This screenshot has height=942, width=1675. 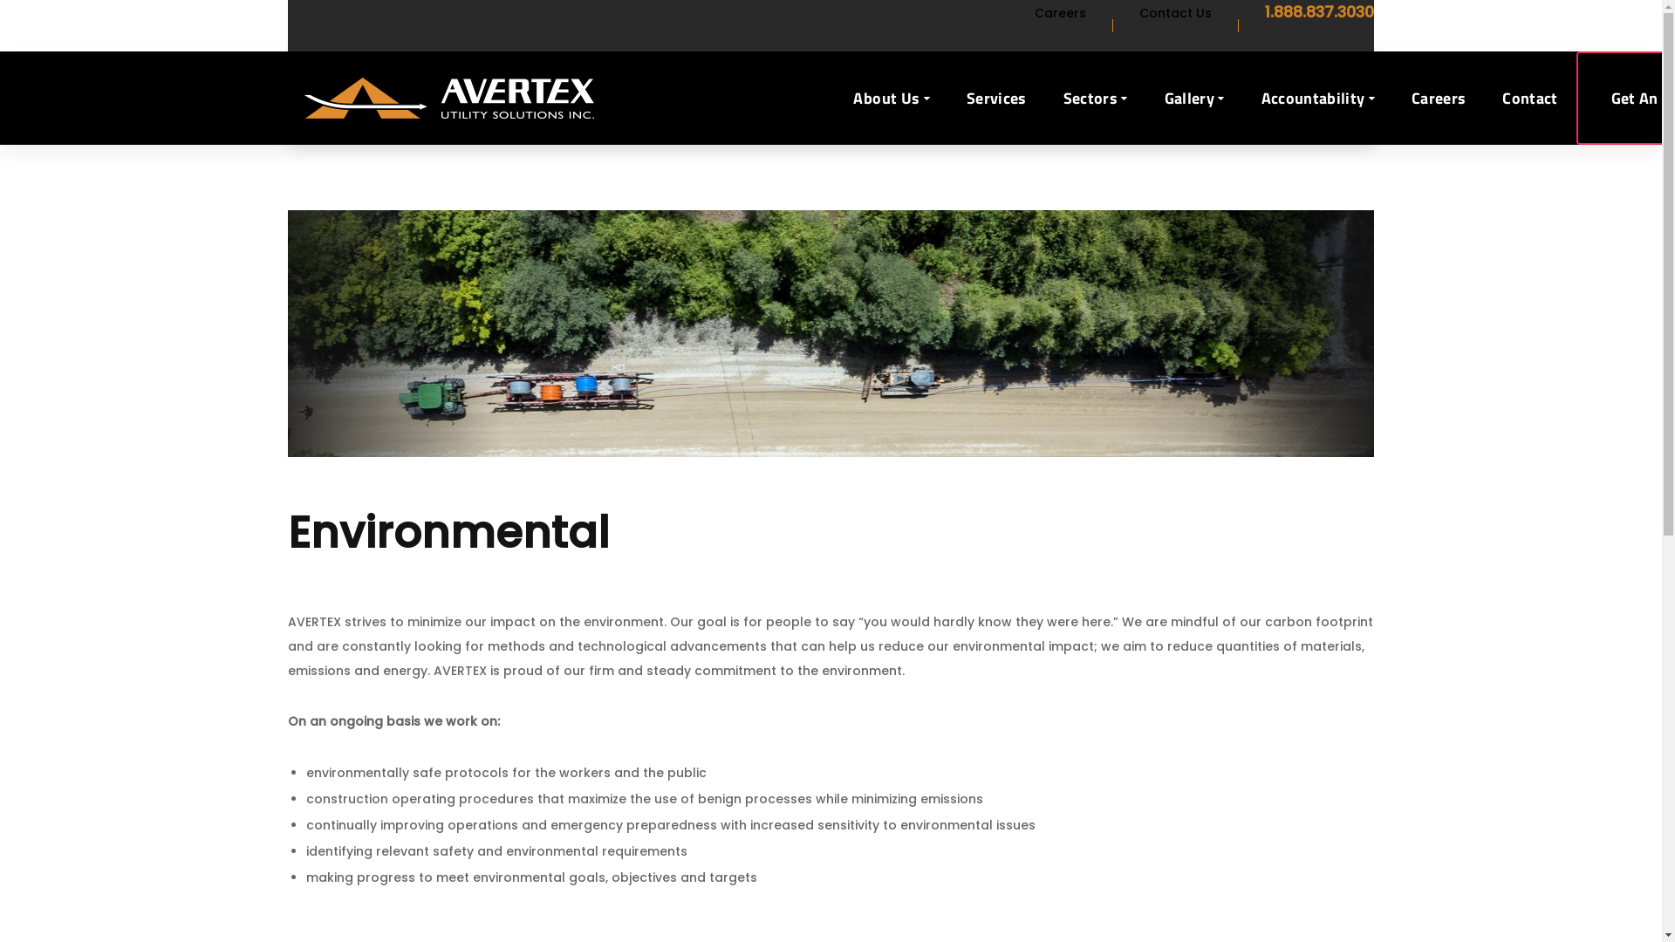 I want to click on 'About Us', so click(x=891, y=97).